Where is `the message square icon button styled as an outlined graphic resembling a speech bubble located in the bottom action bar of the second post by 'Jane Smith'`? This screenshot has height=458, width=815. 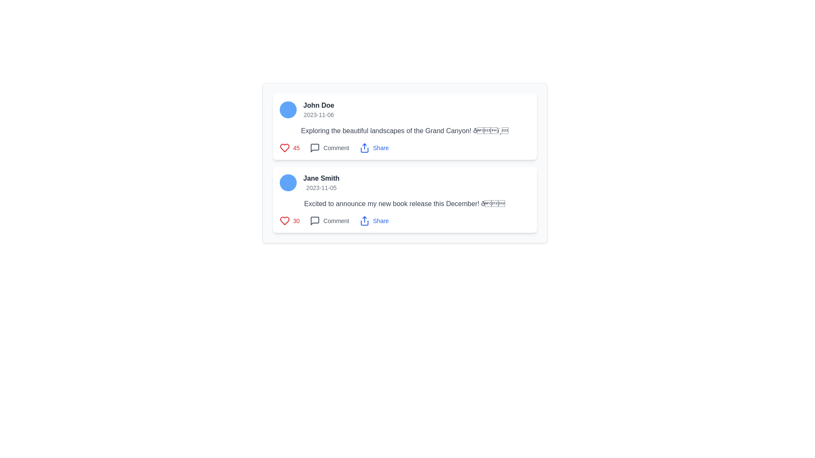 the message square icon button styled as an outlined graphic resembling a speech bubble located in the bottom action bar of the second post by 'Jane Smith' is located at coordinates (315, 220).